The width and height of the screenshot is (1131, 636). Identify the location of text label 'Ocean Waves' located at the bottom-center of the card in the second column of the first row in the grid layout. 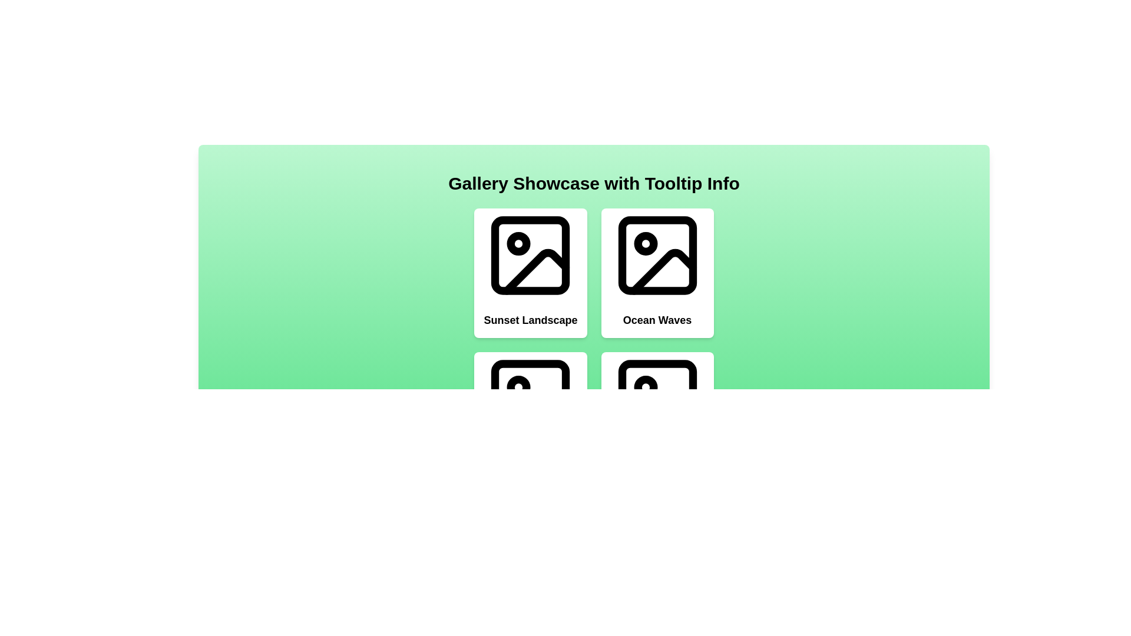
(657, 320).